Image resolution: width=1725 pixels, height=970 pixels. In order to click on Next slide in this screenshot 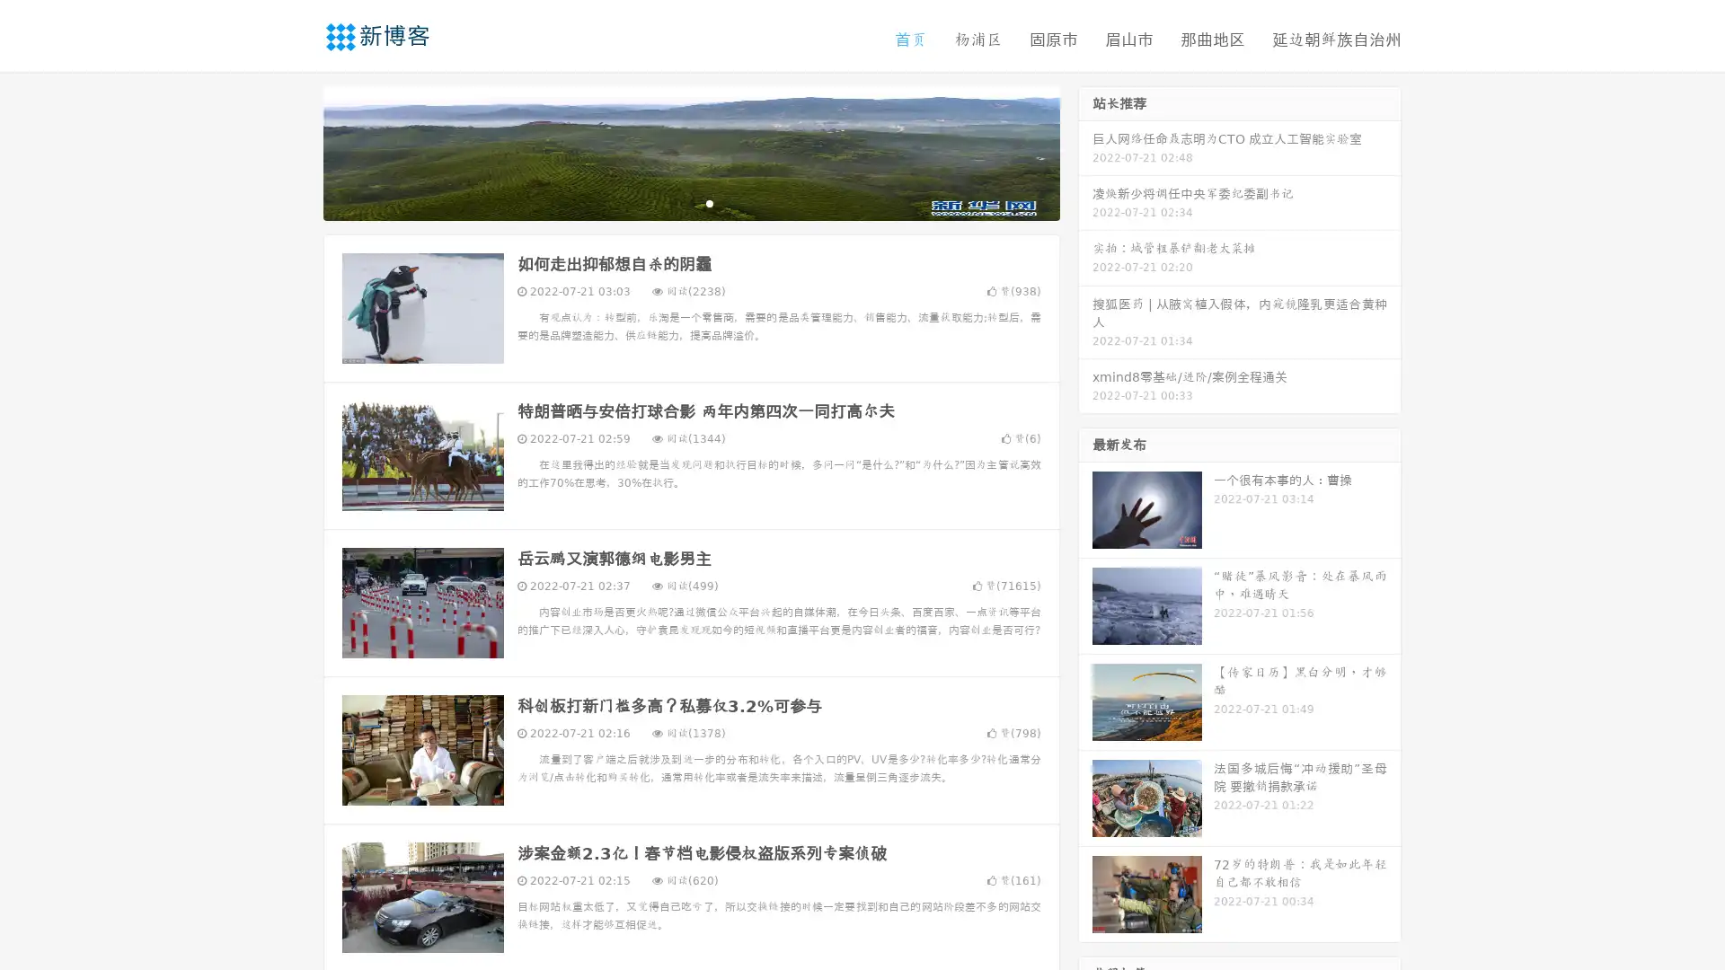, I will do `click(1085, 151)`.